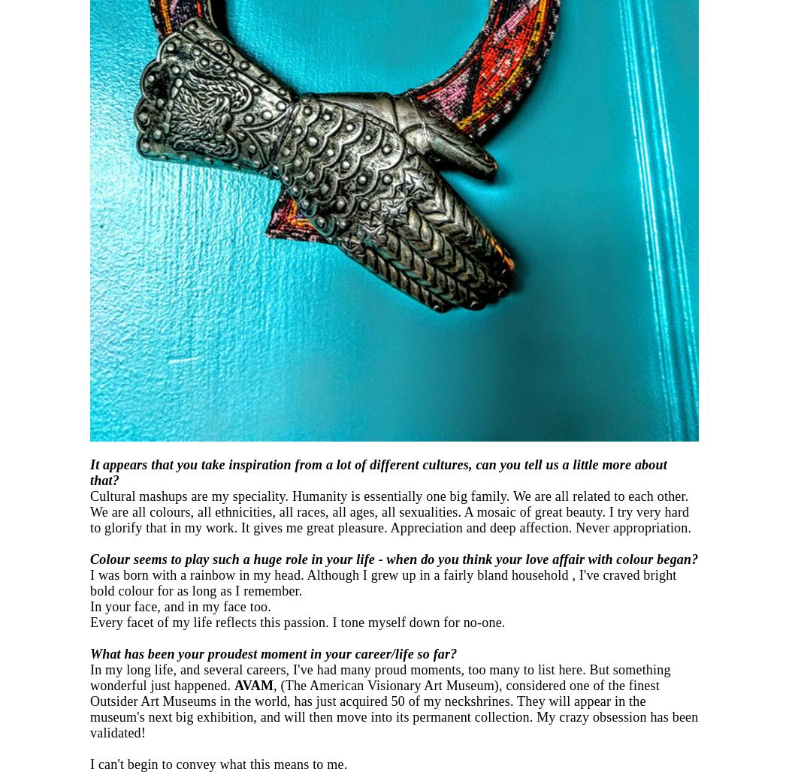 This screenshot has height=772, width=789. I want to click on 'Colour seems to play such a huge role in your life - when do you think your love affair with colour began?', so click(89, 557).